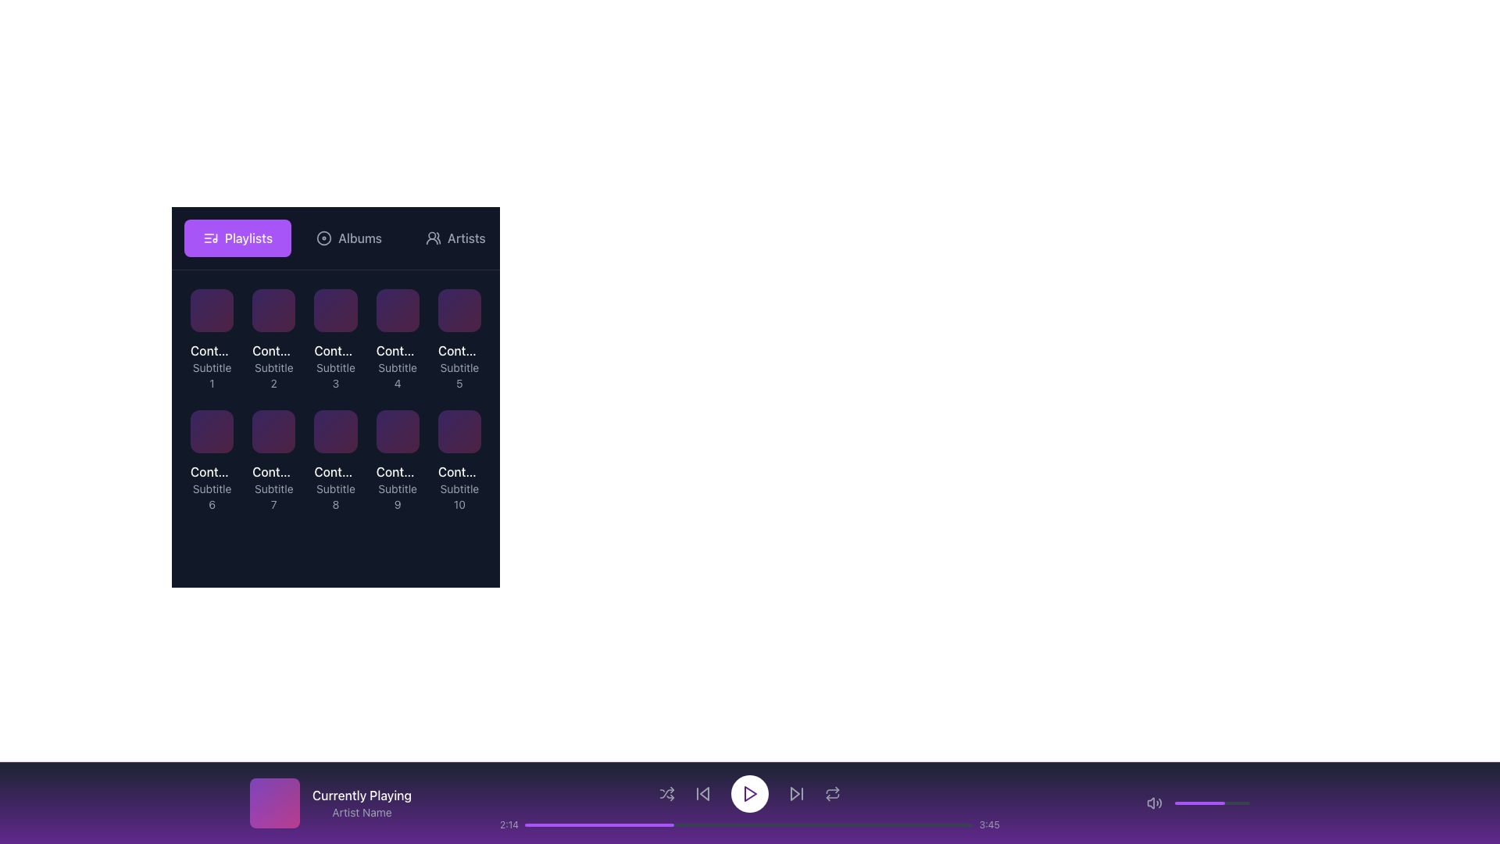 This screenshot has height=844, width=1500. What do you see at coordinates (335, 431) in the screenshot?
I see `the Graphic Tile, which is a square with rounded corners styled in a gradient from light purple to pink, located in the middle row, third column from the left, representing 'Content Title 8 Subtitle 8'` at bounding box center [335, 431].